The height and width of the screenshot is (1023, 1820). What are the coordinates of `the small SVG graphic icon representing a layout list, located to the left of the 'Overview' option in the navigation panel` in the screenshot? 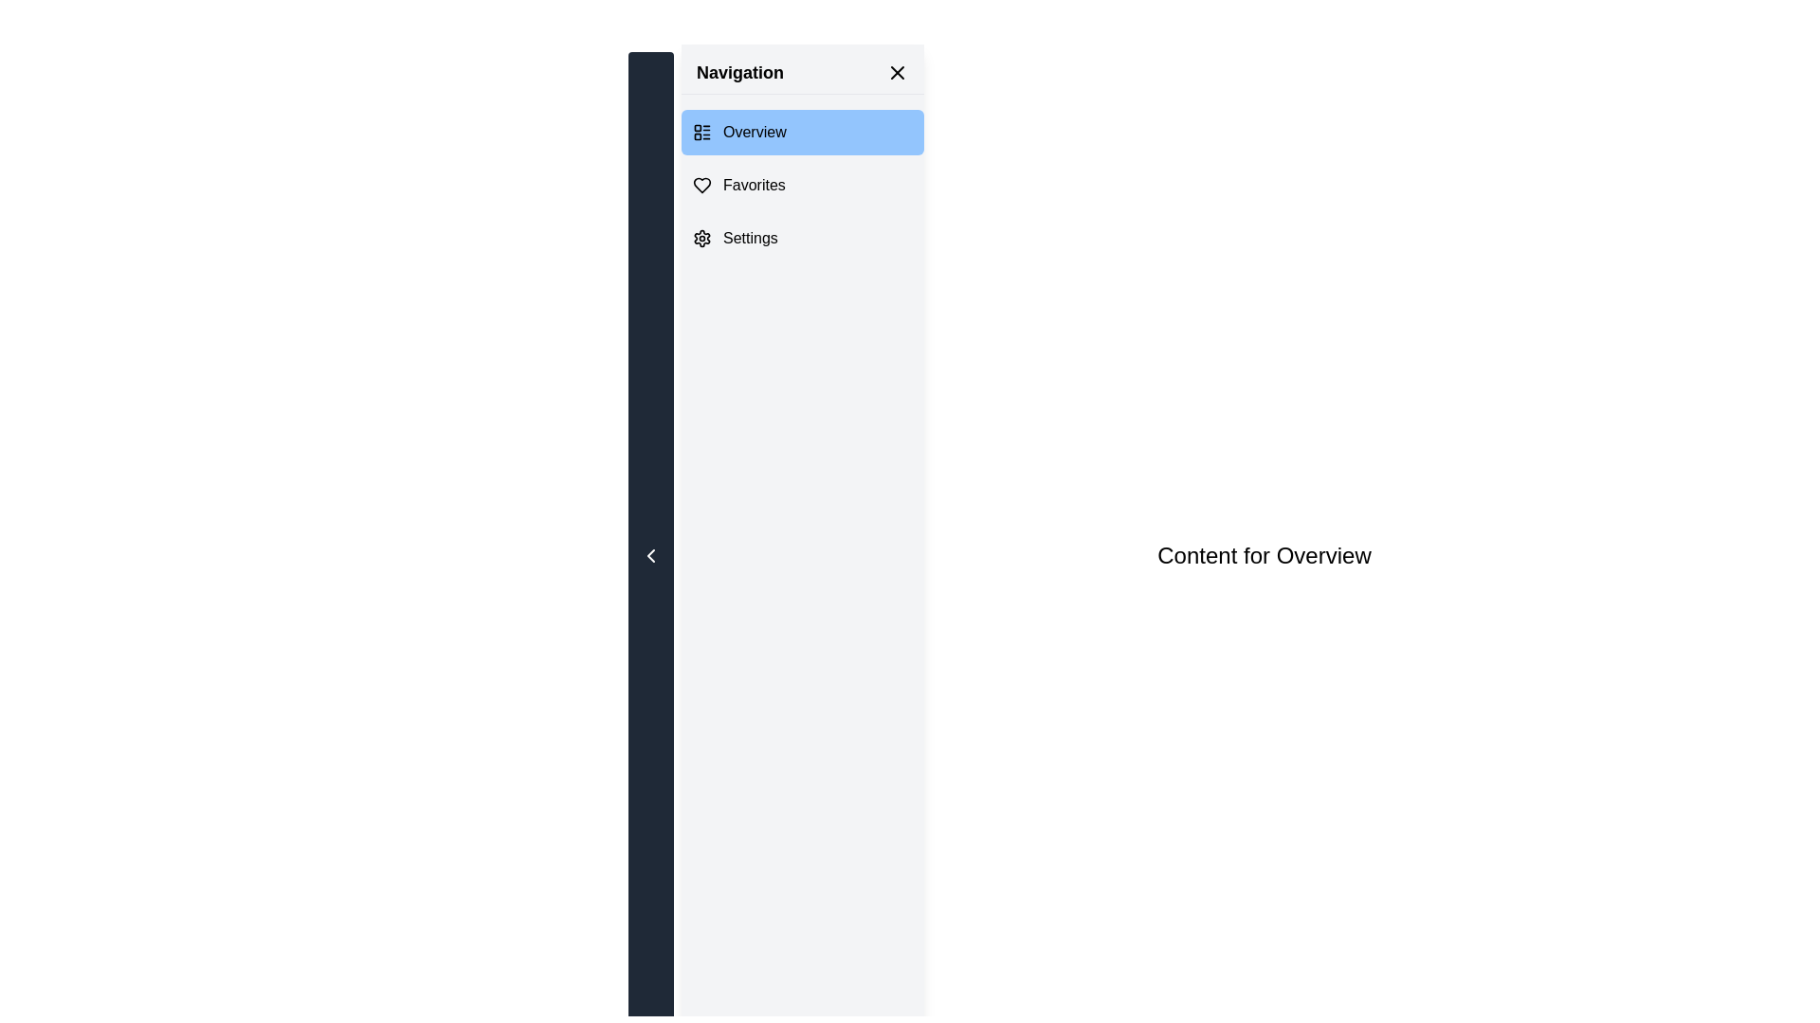 It's located at (701, 131).